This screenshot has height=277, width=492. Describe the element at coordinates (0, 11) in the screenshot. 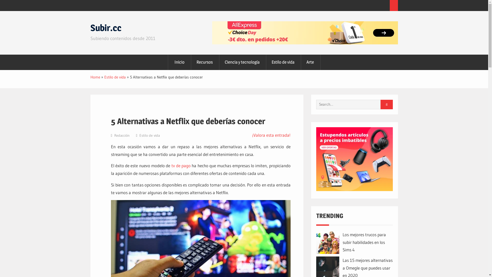

I see `'Skip to content'` at that location.